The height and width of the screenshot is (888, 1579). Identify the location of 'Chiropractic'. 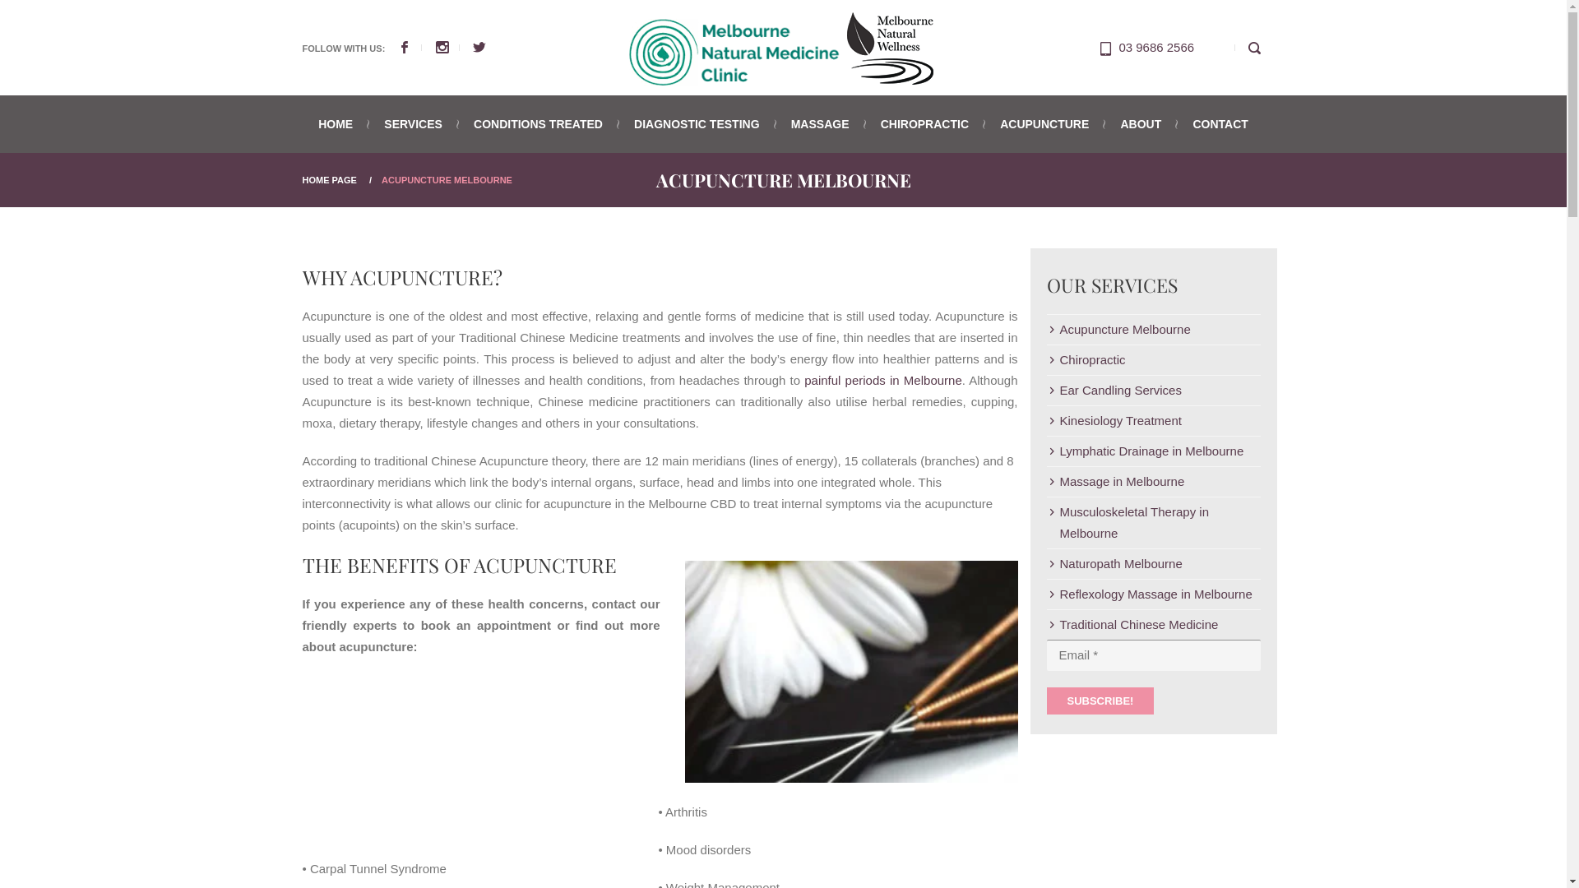
(1086, 359).